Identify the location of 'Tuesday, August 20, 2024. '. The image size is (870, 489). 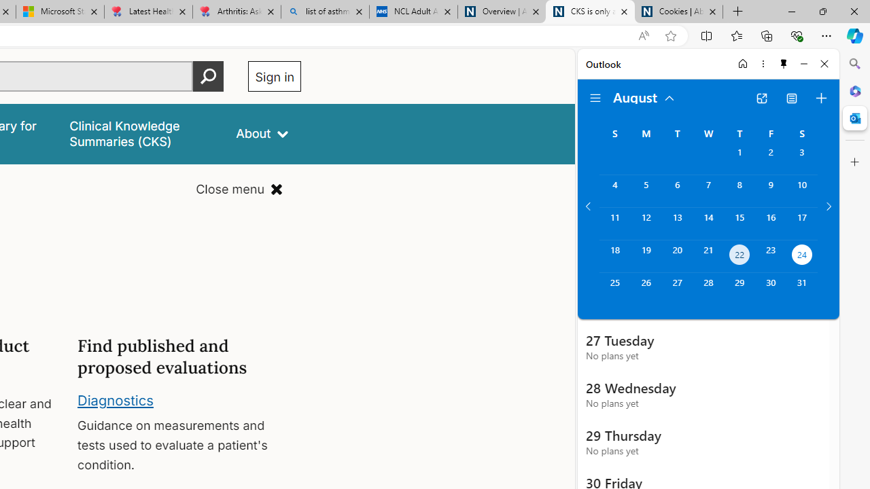
(677, 256).